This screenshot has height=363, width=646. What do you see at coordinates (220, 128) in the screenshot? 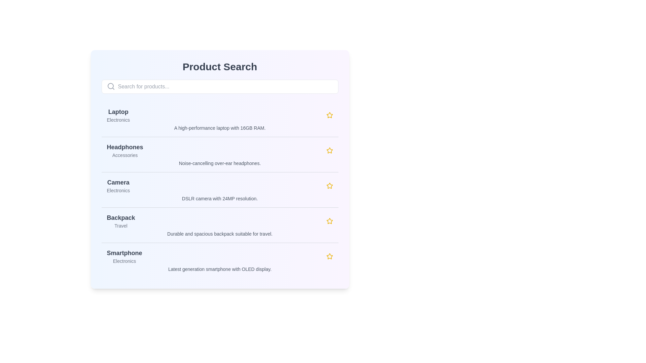
I see `the text label that reads 'A high-performance laptop with 16GB RAM.', located beneath the main title and subtitle of the 'Laptop' item` at bounding box center [220, 128].